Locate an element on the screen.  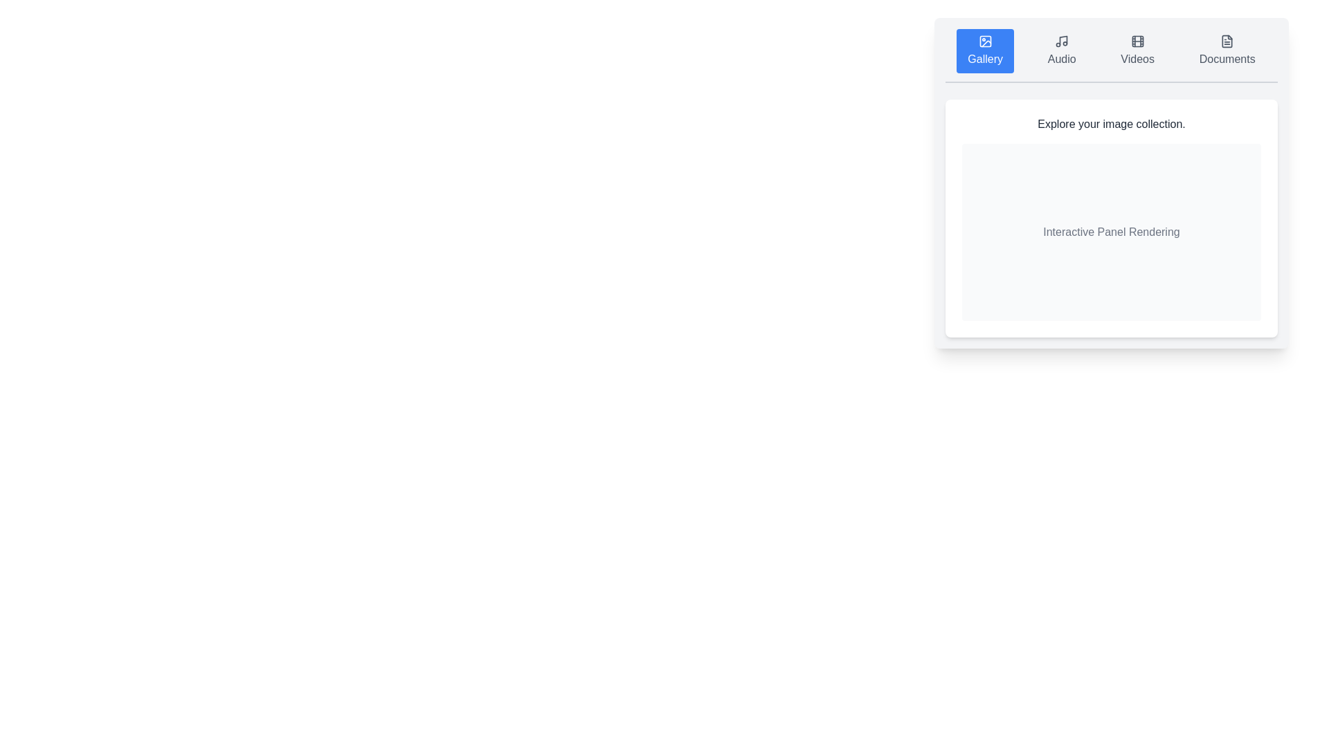
the tab labeled Videos to observe its hover effects is located at coordinates (1137, 50).